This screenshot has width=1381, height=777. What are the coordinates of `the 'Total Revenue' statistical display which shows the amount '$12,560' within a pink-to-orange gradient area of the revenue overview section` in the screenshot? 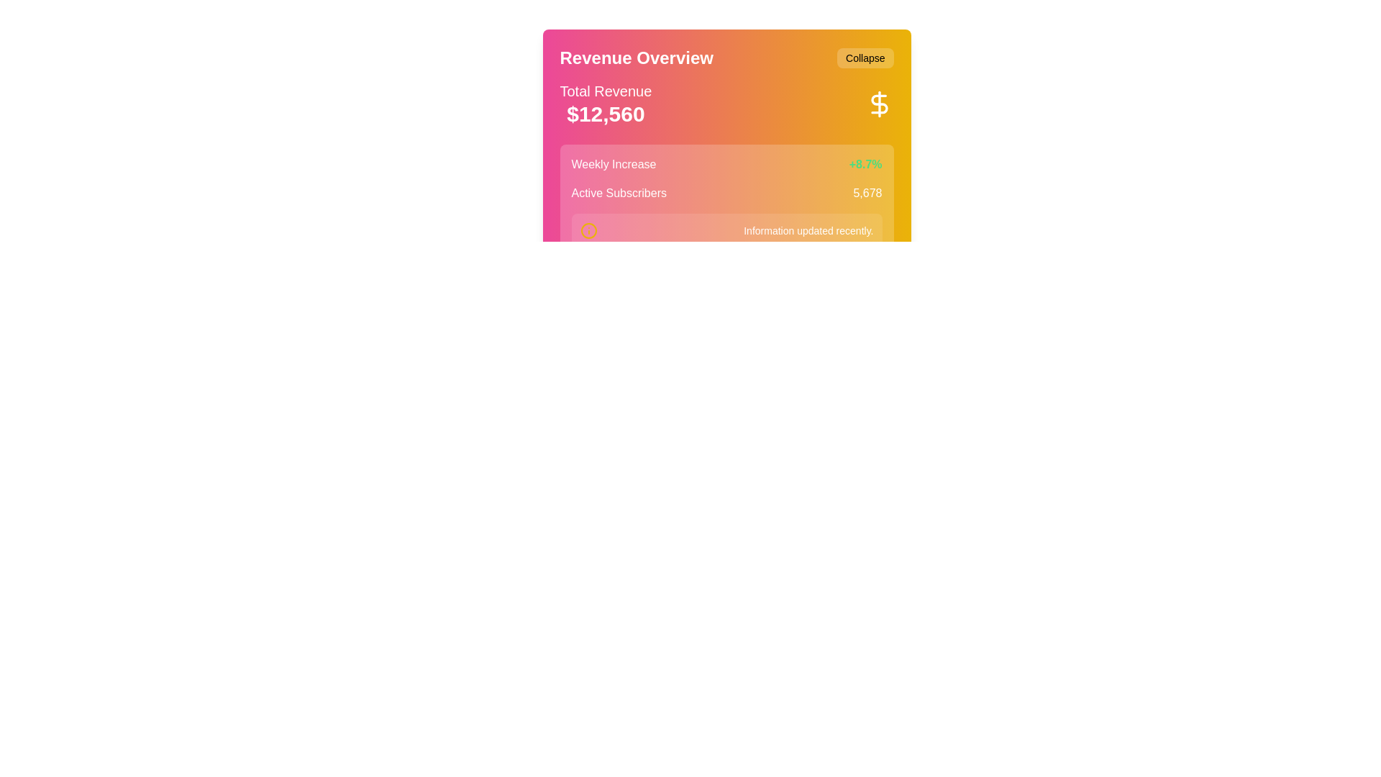 It's located at (606, 104).